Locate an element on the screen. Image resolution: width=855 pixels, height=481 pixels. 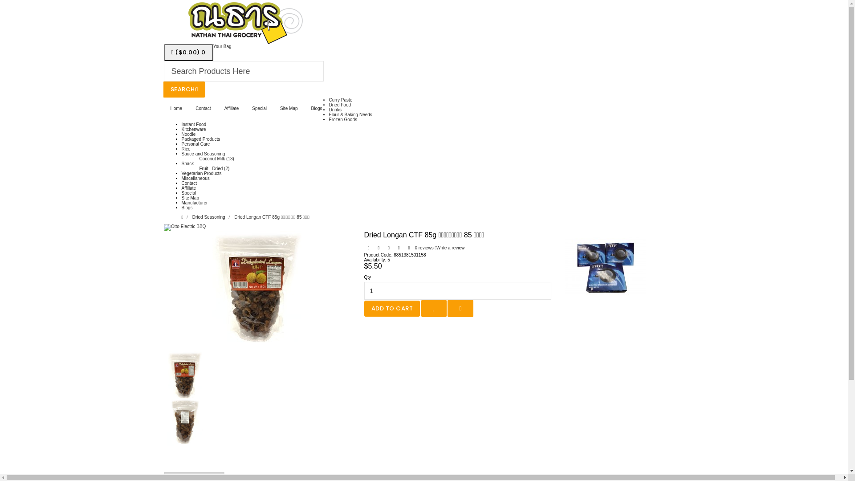
'Flour & Baking Needs' is located at coordinates (329, 114).